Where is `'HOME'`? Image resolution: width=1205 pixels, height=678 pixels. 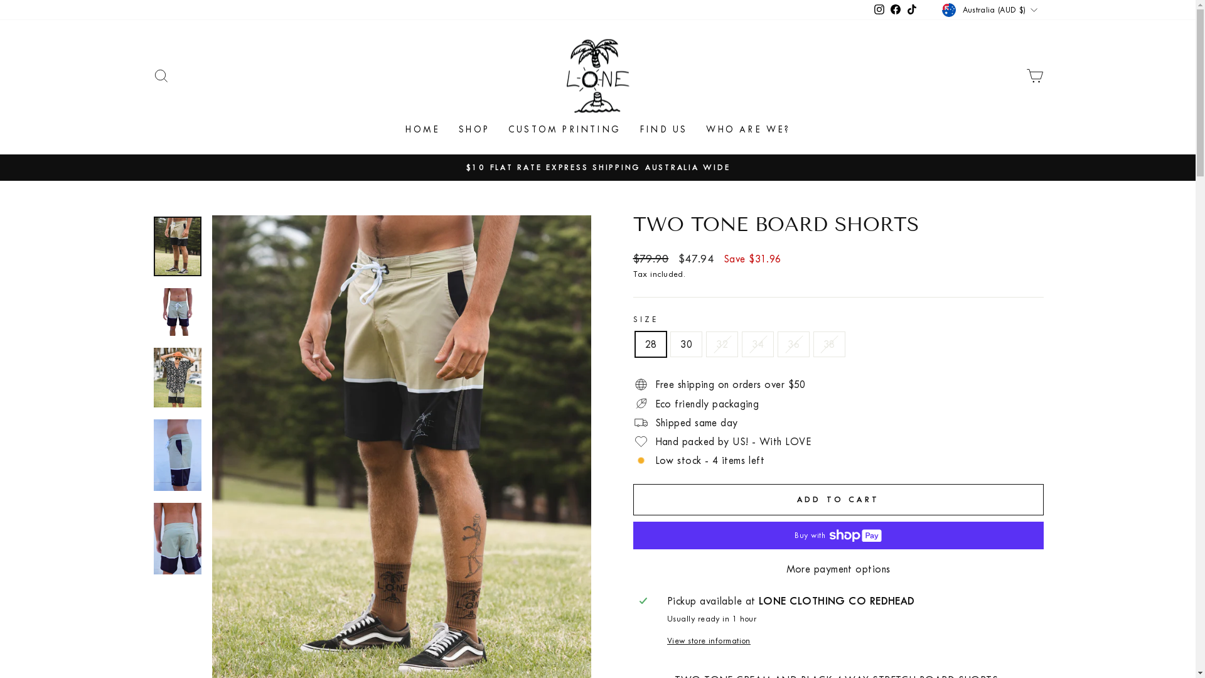
'HOME' is located at coordinates (422, 130).